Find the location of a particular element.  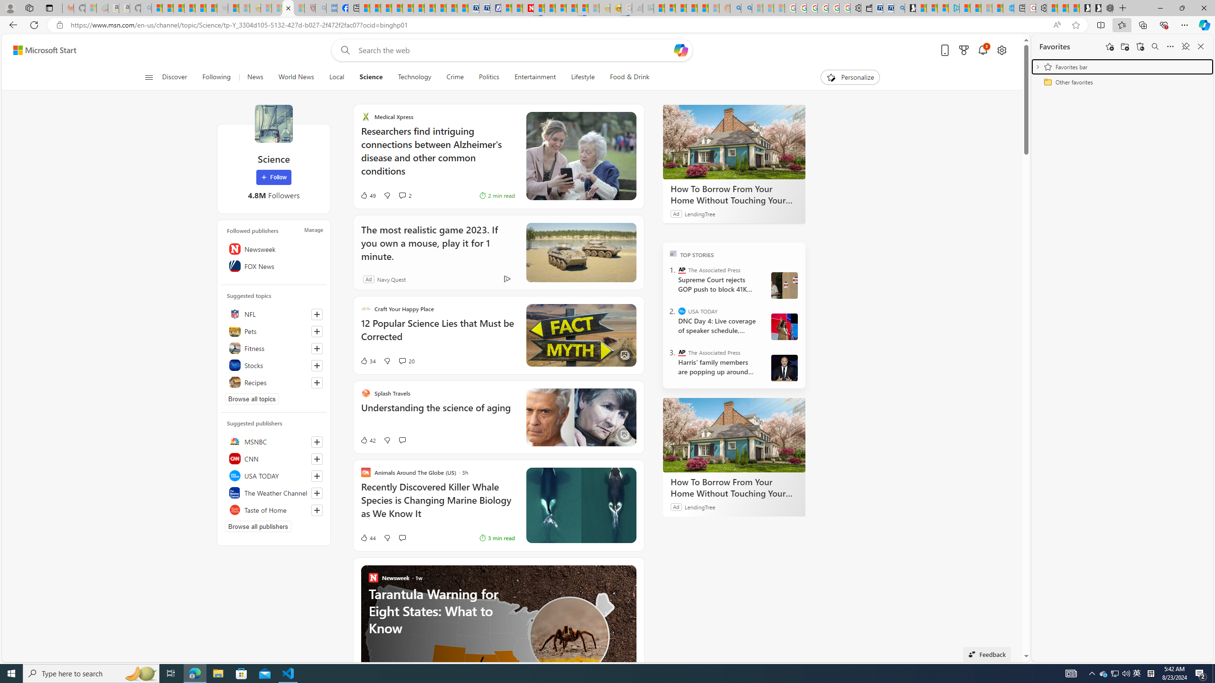

'Combat Siege - Sleeping' is located at coordinates (222, 8).